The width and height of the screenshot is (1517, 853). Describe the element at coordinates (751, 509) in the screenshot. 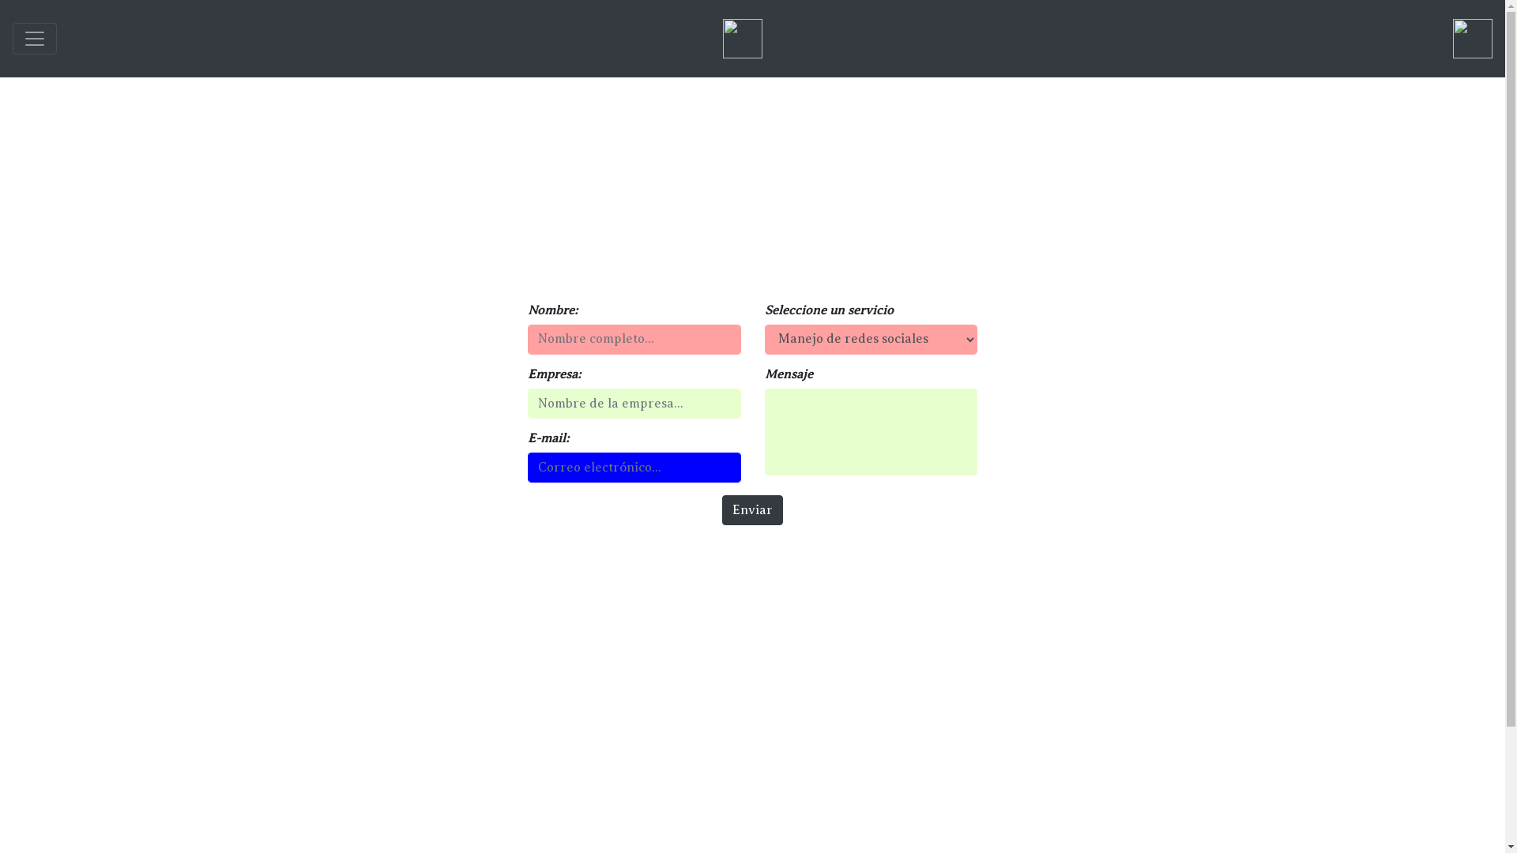

I see `'Enviar'` at that location.